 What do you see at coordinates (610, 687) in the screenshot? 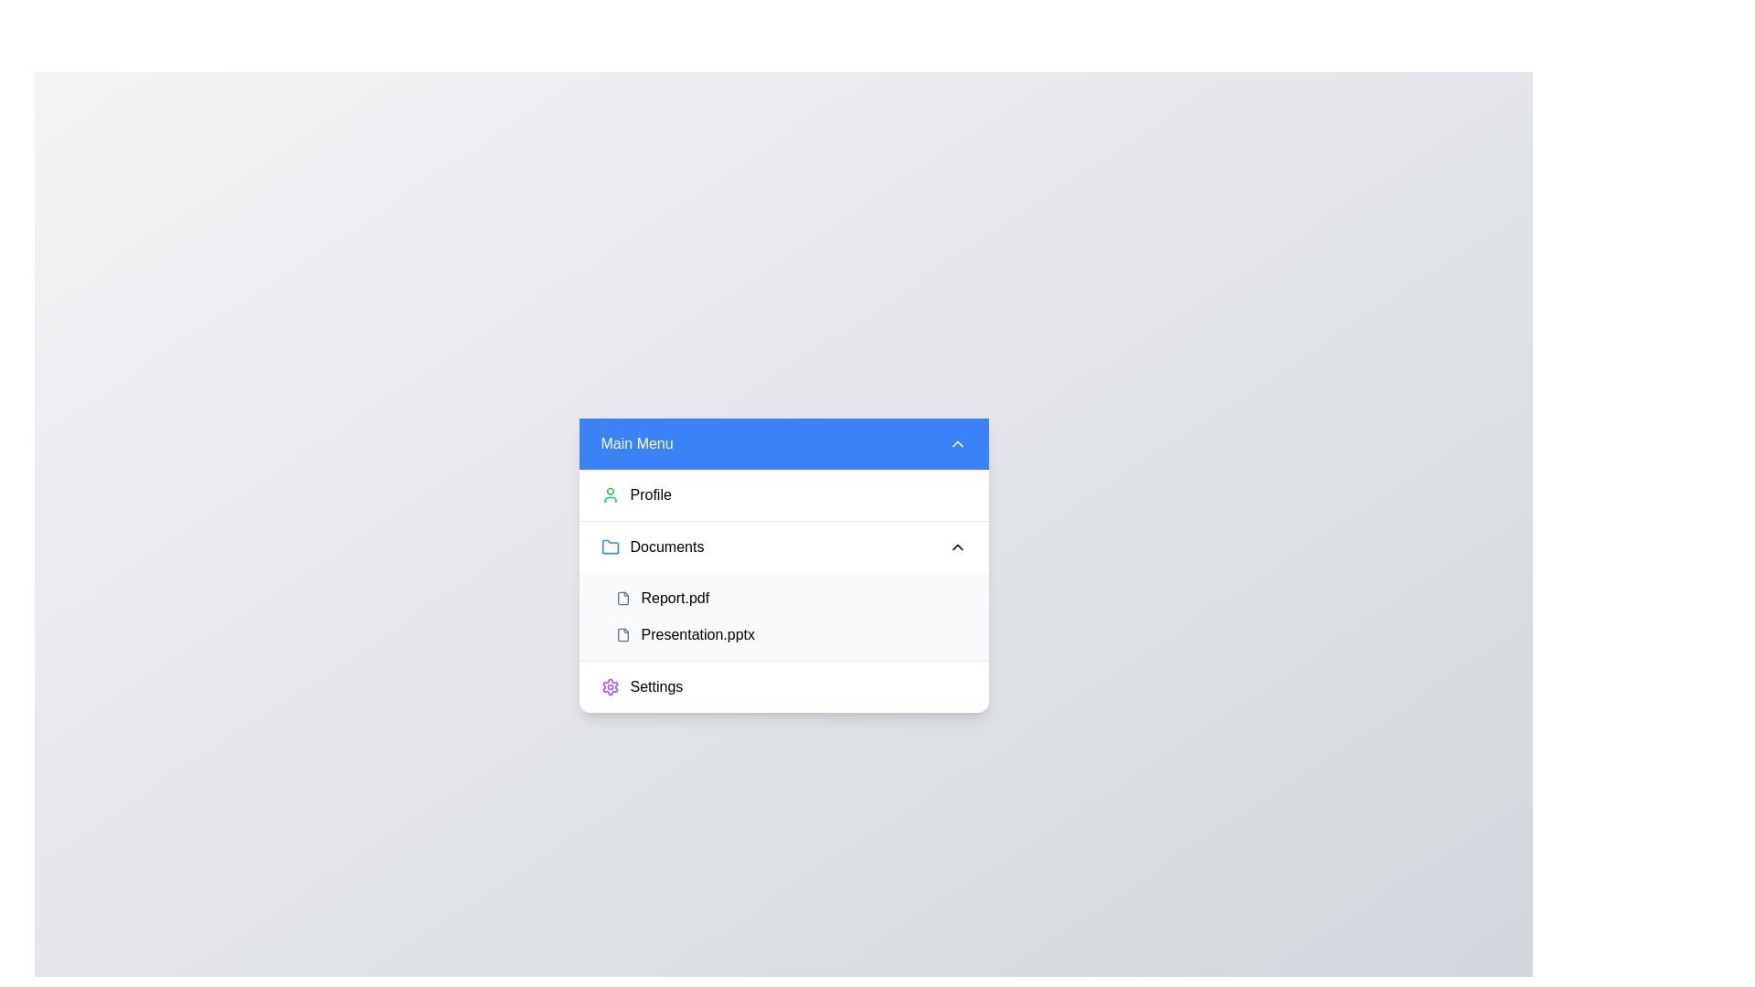
I see `the purple gear icon representing 'Settings' located to the left of the 'Settings' text label in the menu` at bounding box center [610, 687].